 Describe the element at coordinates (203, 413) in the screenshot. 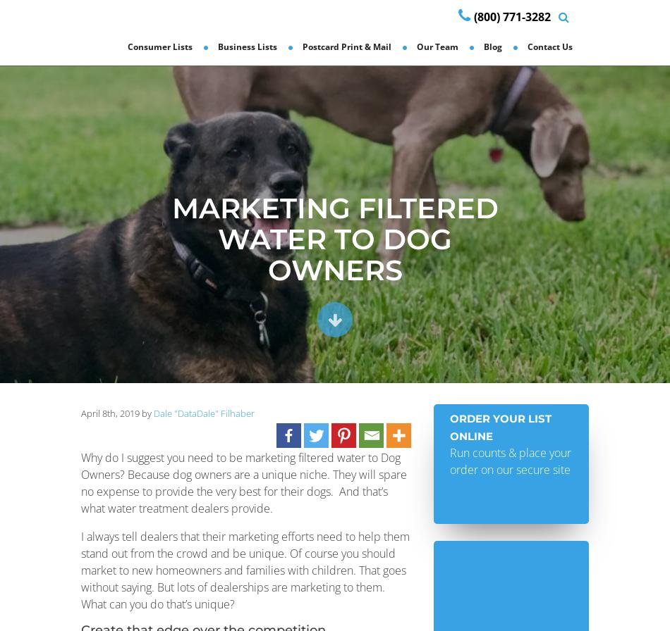

I see `'Dale "DataDale" Filhaber'` at that location.